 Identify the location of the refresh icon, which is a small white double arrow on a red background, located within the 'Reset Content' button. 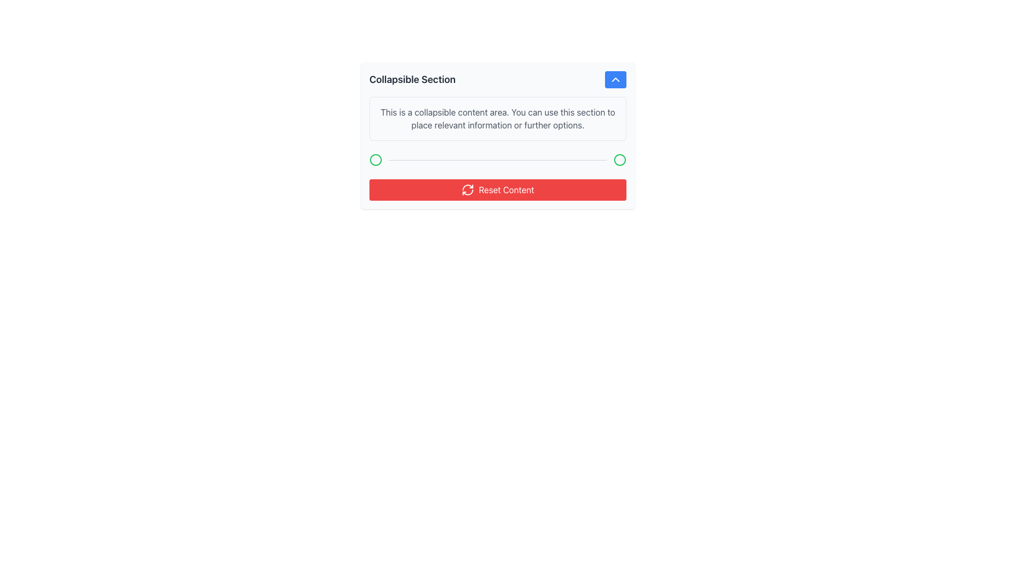
(468, 189).